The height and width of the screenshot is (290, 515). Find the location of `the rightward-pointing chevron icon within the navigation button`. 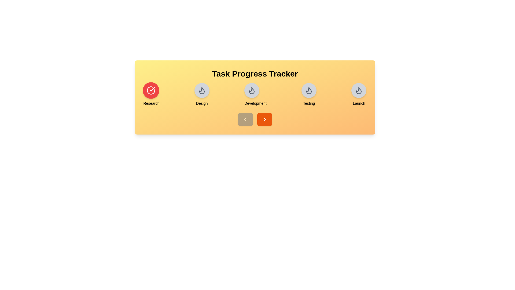

the rightward-pointing chevron icon within the navigation button is located at coordinates (264, 119).